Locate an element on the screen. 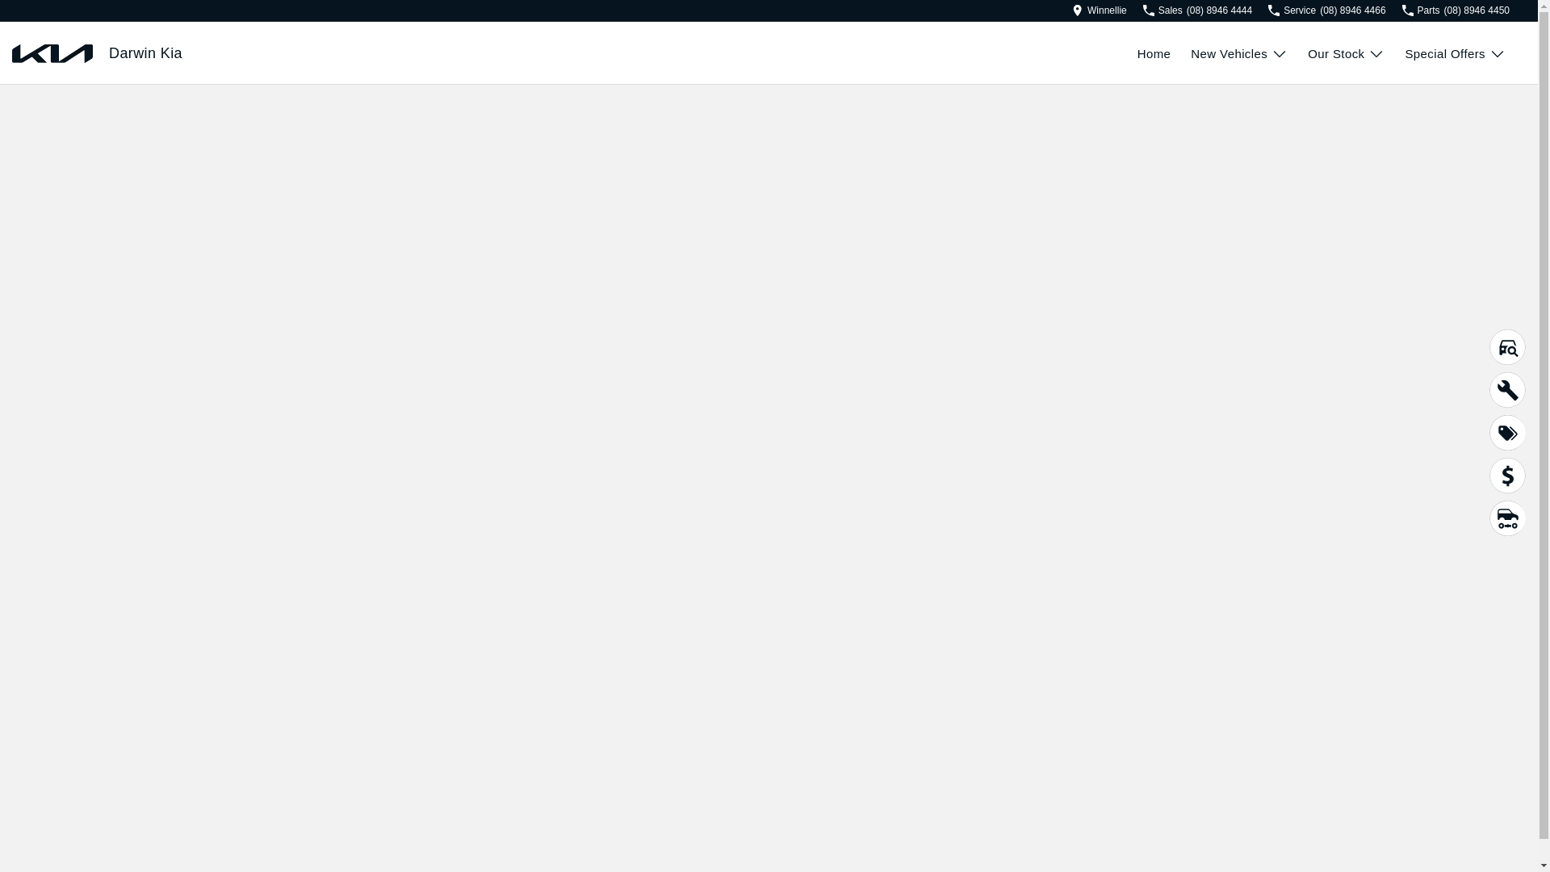  'New Vehicles' is located at coordinates (1190, 52).